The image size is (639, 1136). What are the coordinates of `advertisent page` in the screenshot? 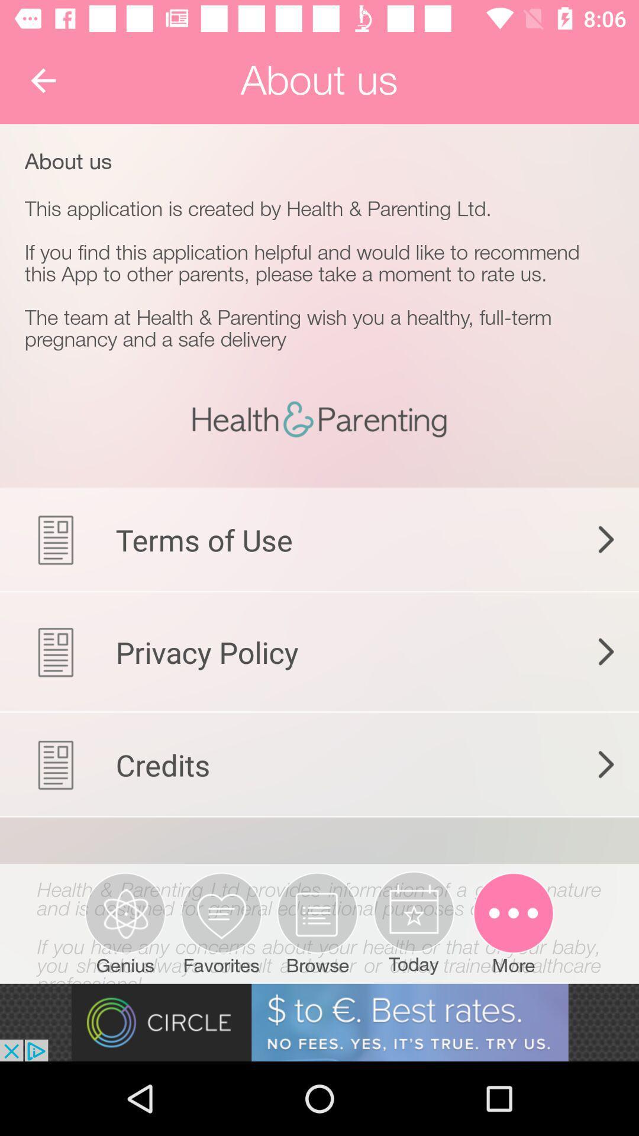 It's located at (319, 1022).